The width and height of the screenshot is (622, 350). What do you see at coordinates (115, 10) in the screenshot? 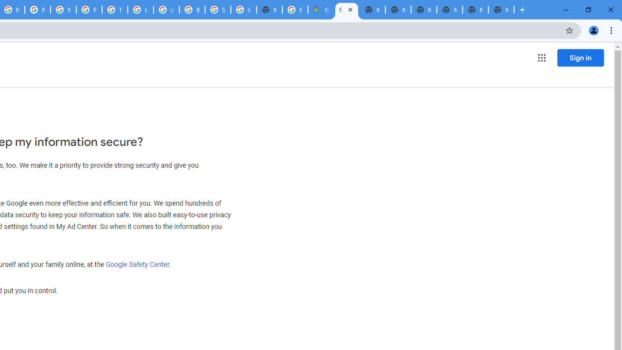
I see `'Tips & tricks for Chrome - Google Chrome Help'` at bounding box center [115, 10].